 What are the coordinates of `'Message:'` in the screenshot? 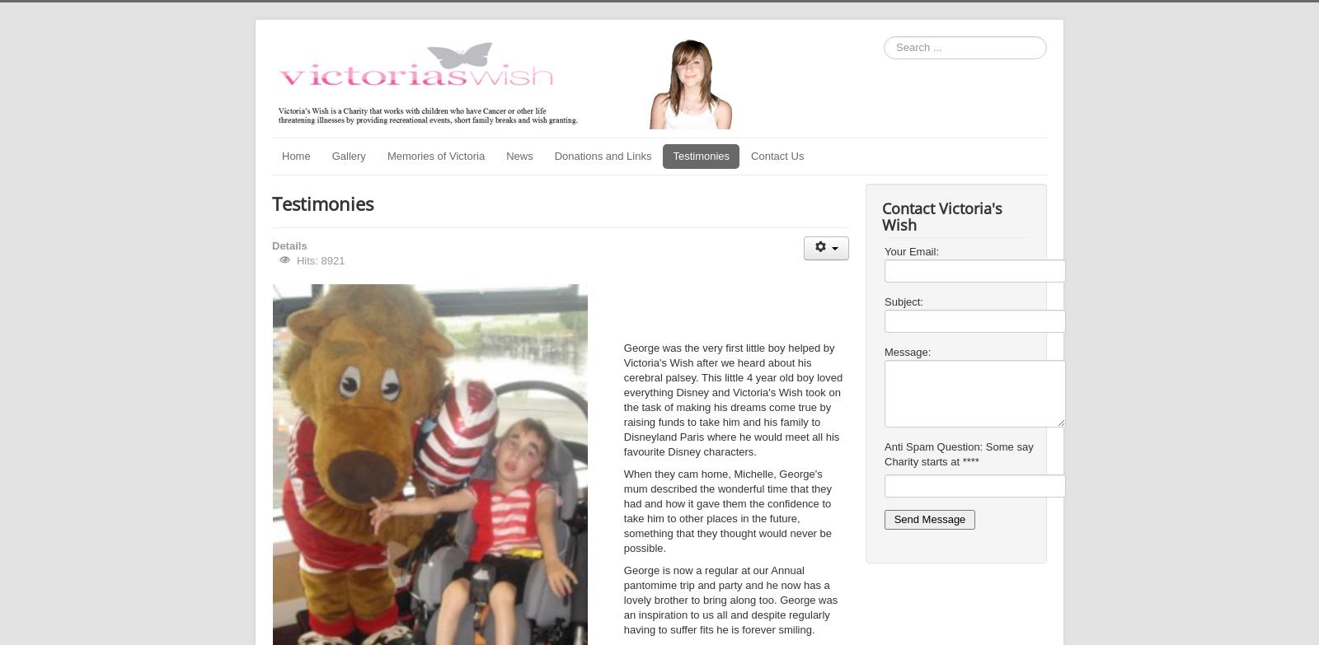 It's located at (907, 351).